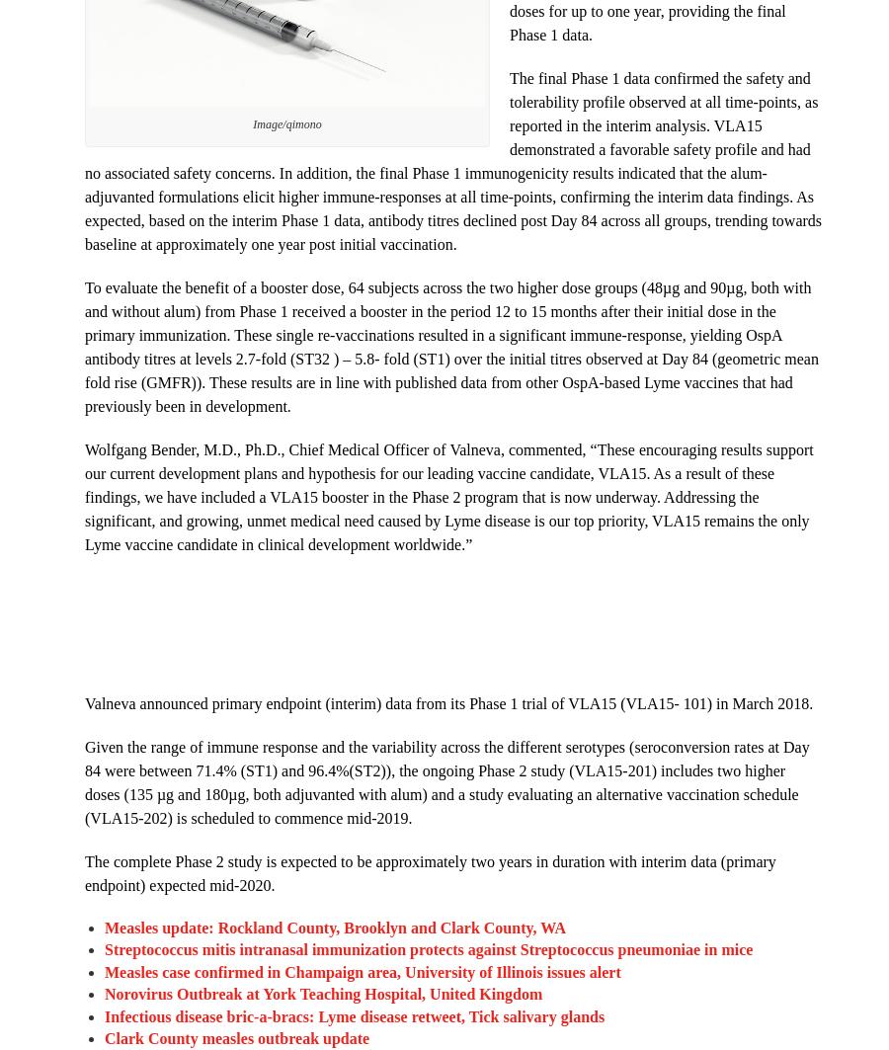 The width and height of the screenshot is (889, 1050). What do you see at coordinates (84, 496) in the screenshot?
I see `'Wolfgang Bender, M.D., Ph.D., Chief Medical Officer of Valneva, commented, “These encouraging results support our current development plans and hypothesis for our leading vaccine candidate, VLA15. As a result of these findings, we have included a VLA15 booster in the Phase 2 program that is now underway. Addressing the significant, and growing, unmet medical need caused by Lyme disease is our top priority, VLA15 remains the only Lyme vaccine candidate in clinical development worldwide.”'` at bounding box center [84, 496].